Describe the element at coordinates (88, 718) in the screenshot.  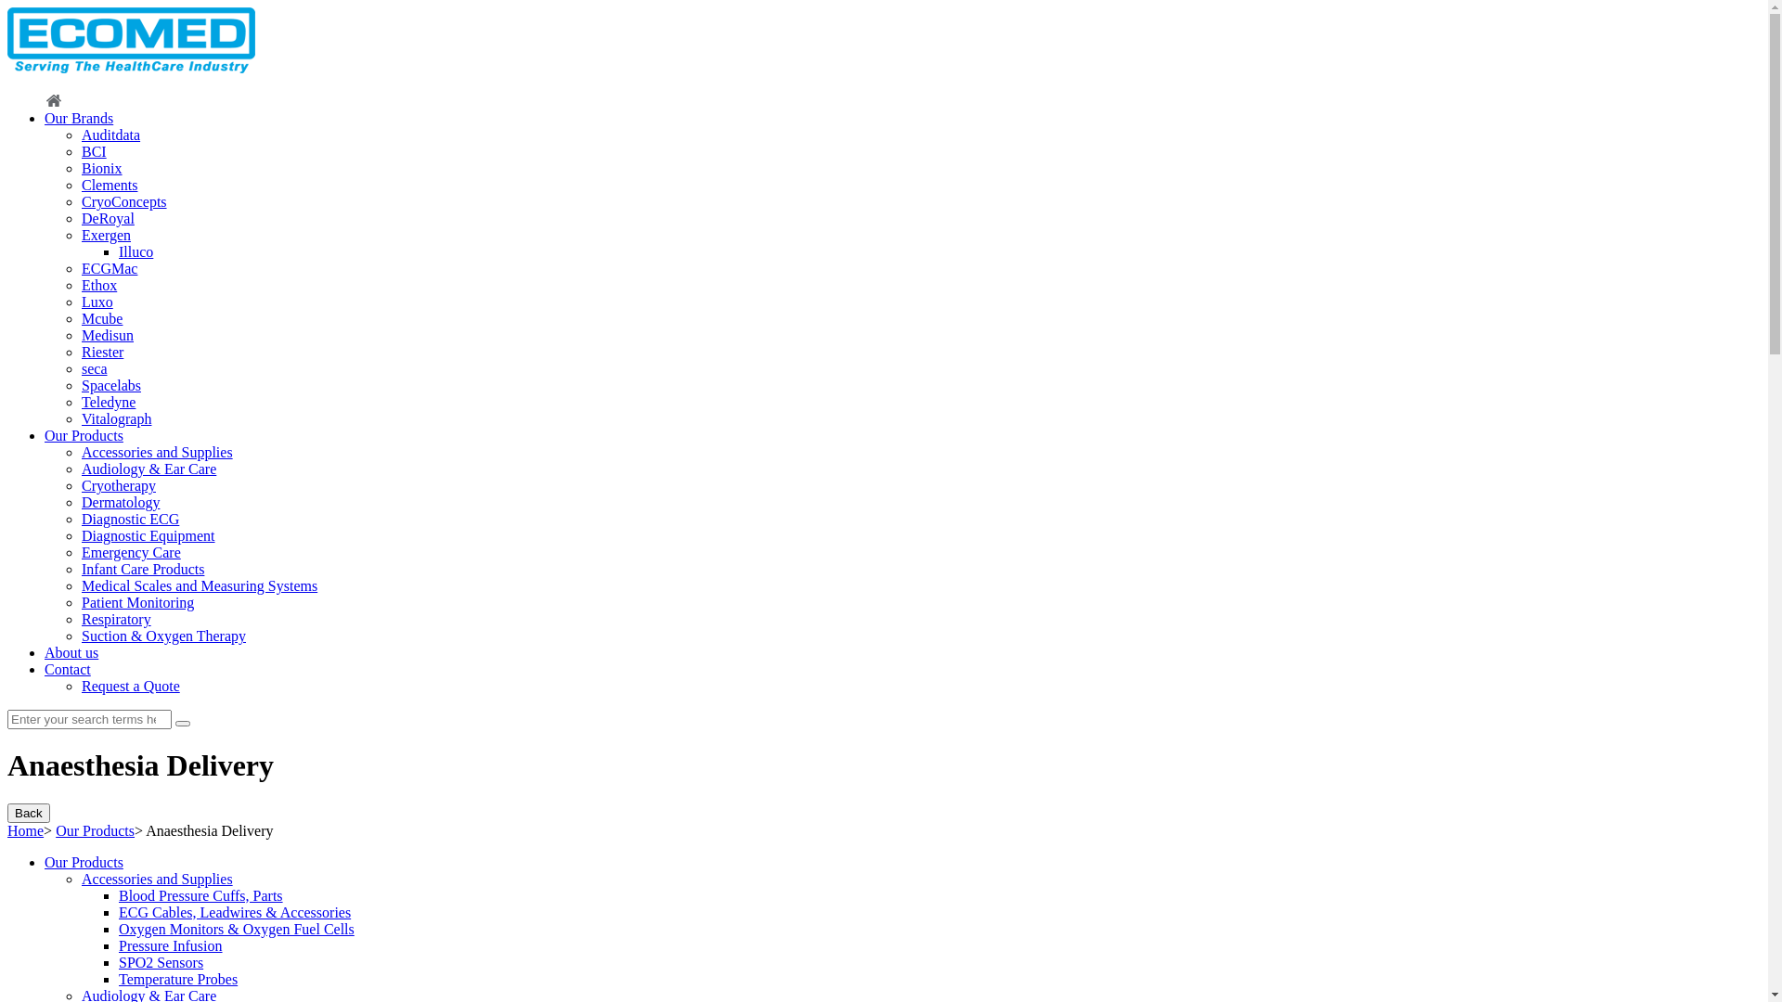
I see `'Search for:'` at that location.